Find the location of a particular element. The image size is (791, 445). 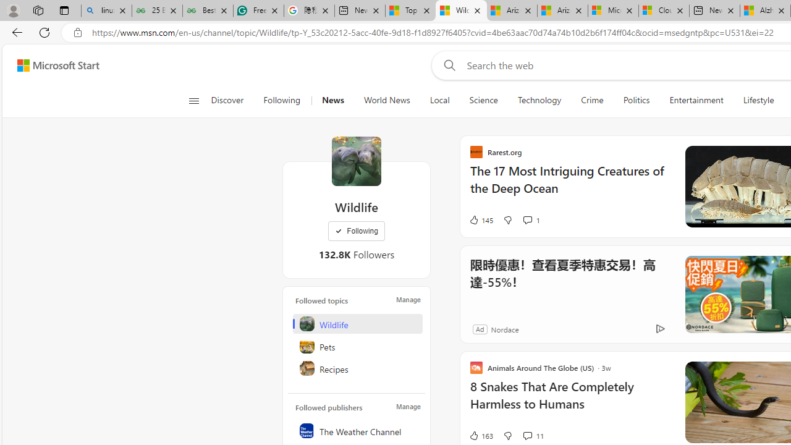

'Free AI Writing Assistance for Students | Grammarly' is located at coordinates (258, 11).